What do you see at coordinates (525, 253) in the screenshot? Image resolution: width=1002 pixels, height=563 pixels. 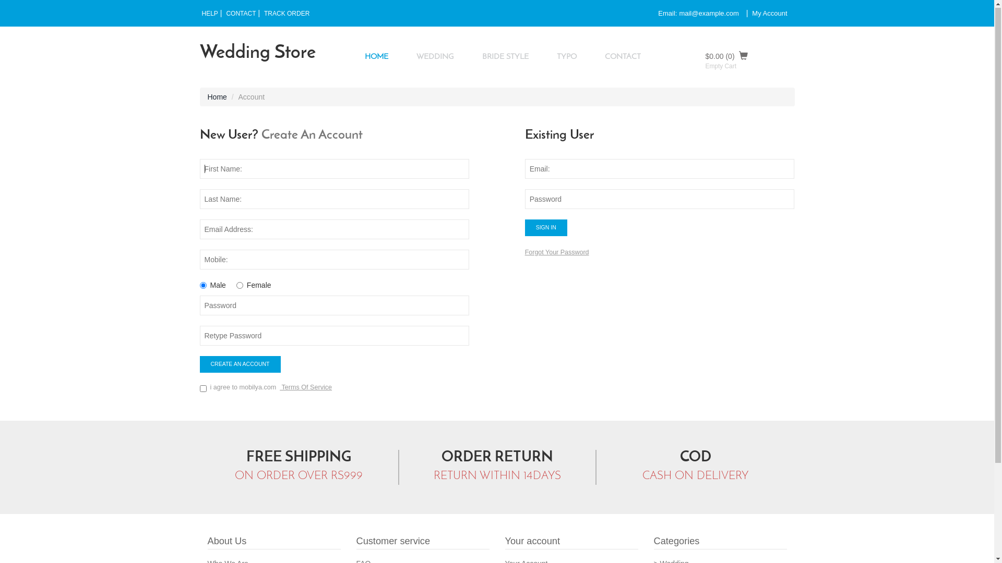 I see `'Forgot Your Password'` at bounding box center [525, 253].